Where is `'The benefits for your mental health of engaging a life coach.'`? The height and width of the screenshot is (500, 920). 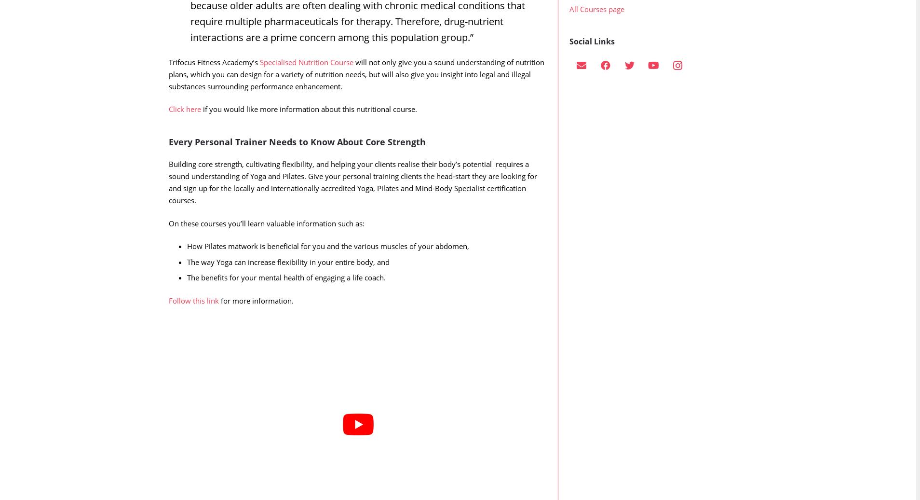
'The benefits for your mental health of engaging a life coach.' is located at coordinates (285, 296).